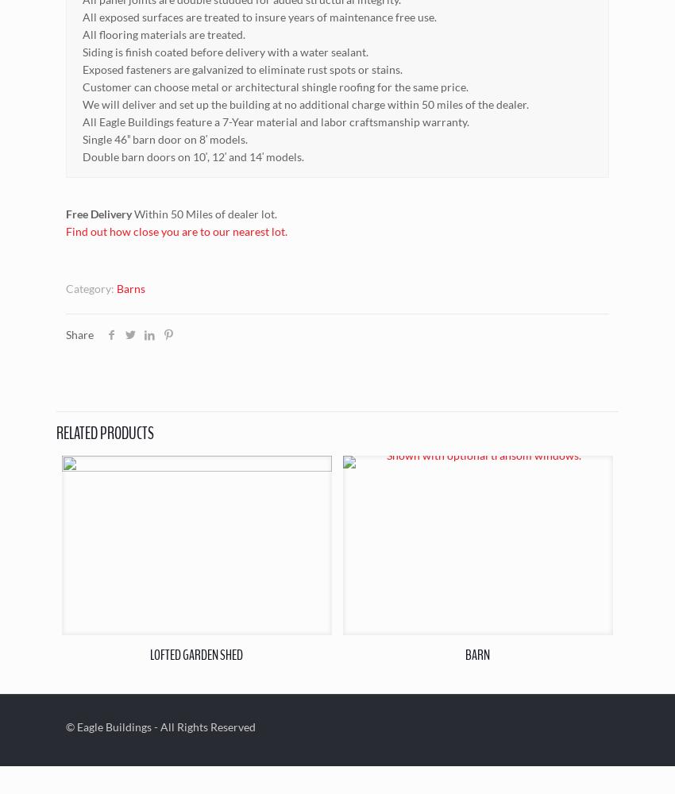 The image size is (675, 794). What do you see at coordinates (65, 213) in the screenshot?
I see `'Free Delivery'` at bounding box center [65, 213].